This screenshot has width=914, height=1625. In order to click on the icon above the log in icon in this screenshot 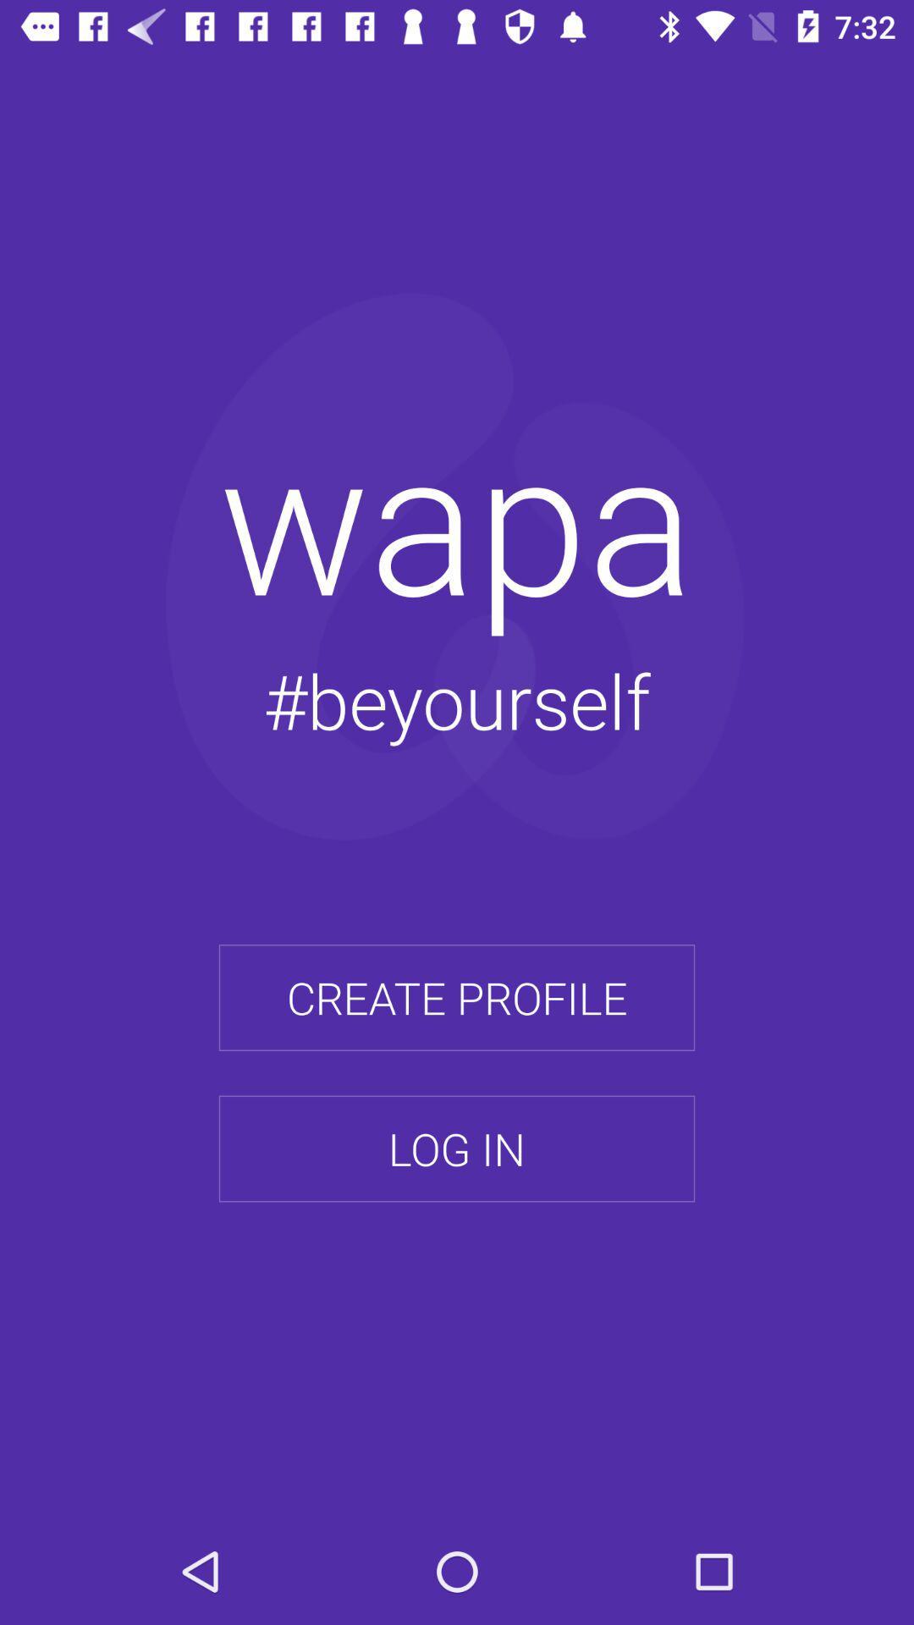, I will do `click(457, 998)`.